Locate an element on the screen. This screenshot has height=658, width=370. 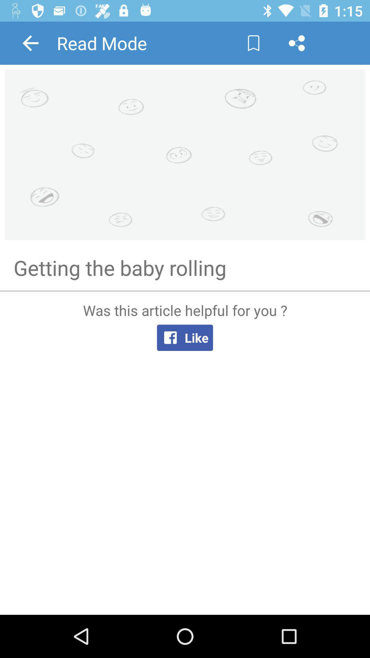
the arrow_backward icon is located at coordinates (30, 42).